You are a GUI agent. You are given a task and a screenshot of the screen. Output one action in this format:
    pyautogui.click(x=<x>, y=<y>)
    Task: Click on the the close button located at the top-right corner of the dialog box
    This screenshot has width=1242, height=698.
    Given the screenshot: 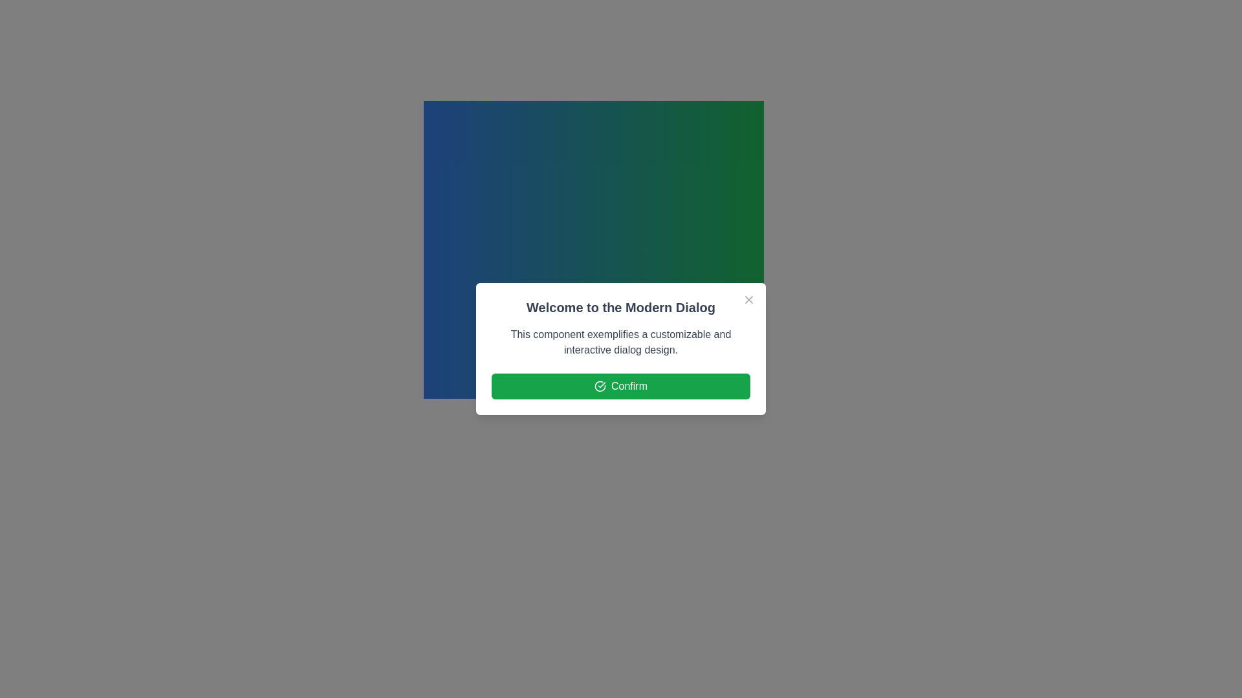 What is the action you would take?
    pyautogui.click(x=748, y=299)
    